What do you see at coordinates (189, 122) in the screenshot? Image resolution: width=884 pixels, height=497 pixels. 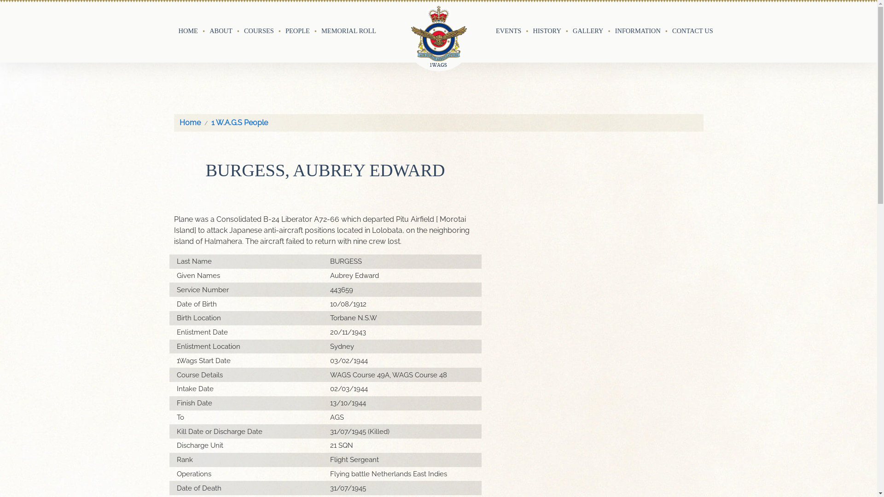 I see `'Home'` at bounding box center [189, 122].